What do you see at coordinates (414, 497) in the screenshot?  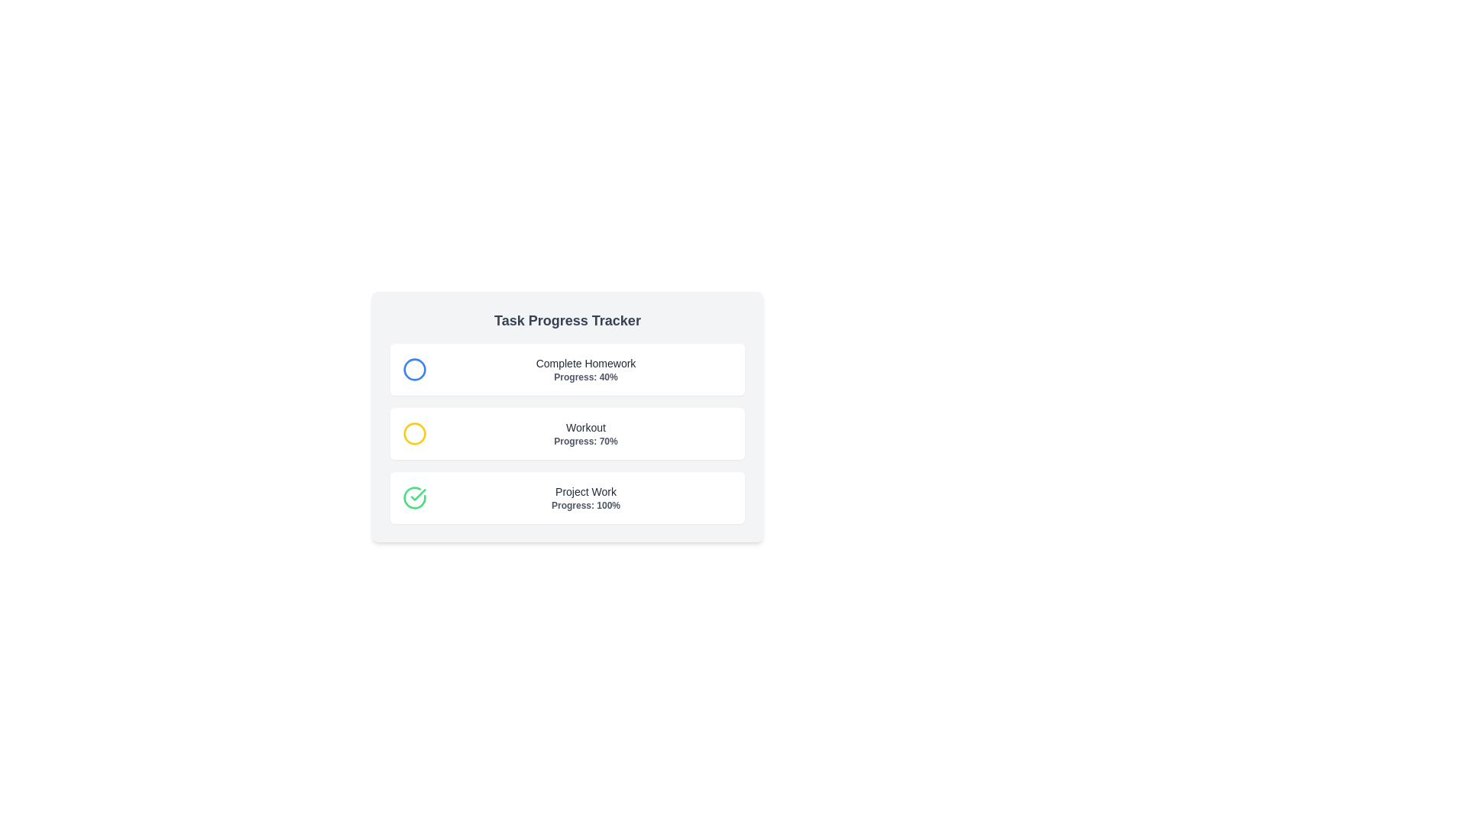 I see `the decorative graphical element indicating the completion of the 'Project Work' task, located to the left of the text label and progress value` at bounding box center [414, 497].